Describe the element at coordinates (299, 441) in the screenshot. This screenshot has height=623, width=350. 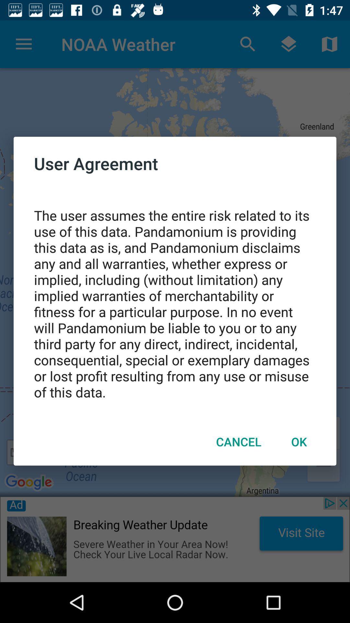
I see `the item next to cancel` at that location.